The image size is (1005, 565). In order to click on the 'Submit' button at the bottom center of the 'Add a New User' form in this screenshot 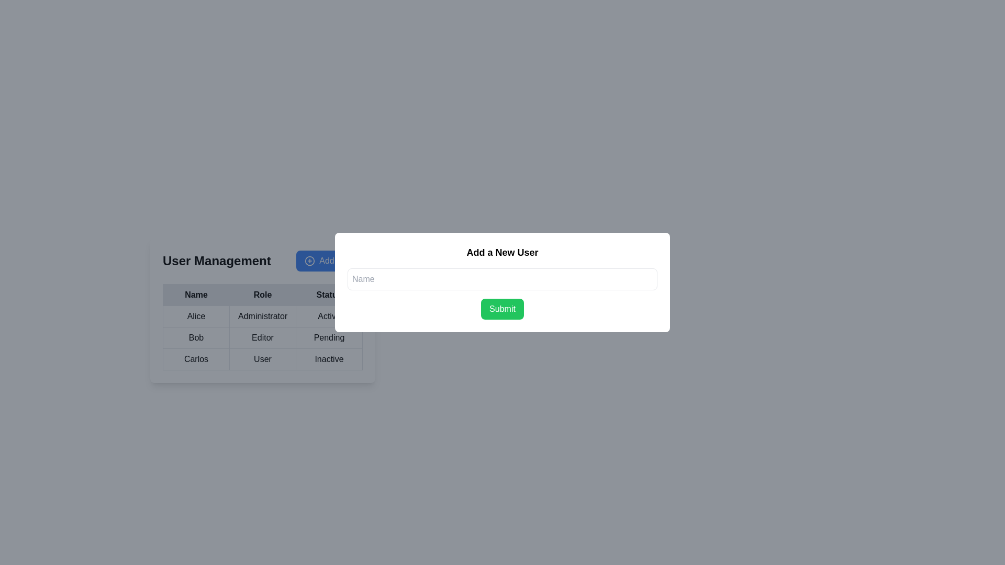, I will do `click(502, 308)`.